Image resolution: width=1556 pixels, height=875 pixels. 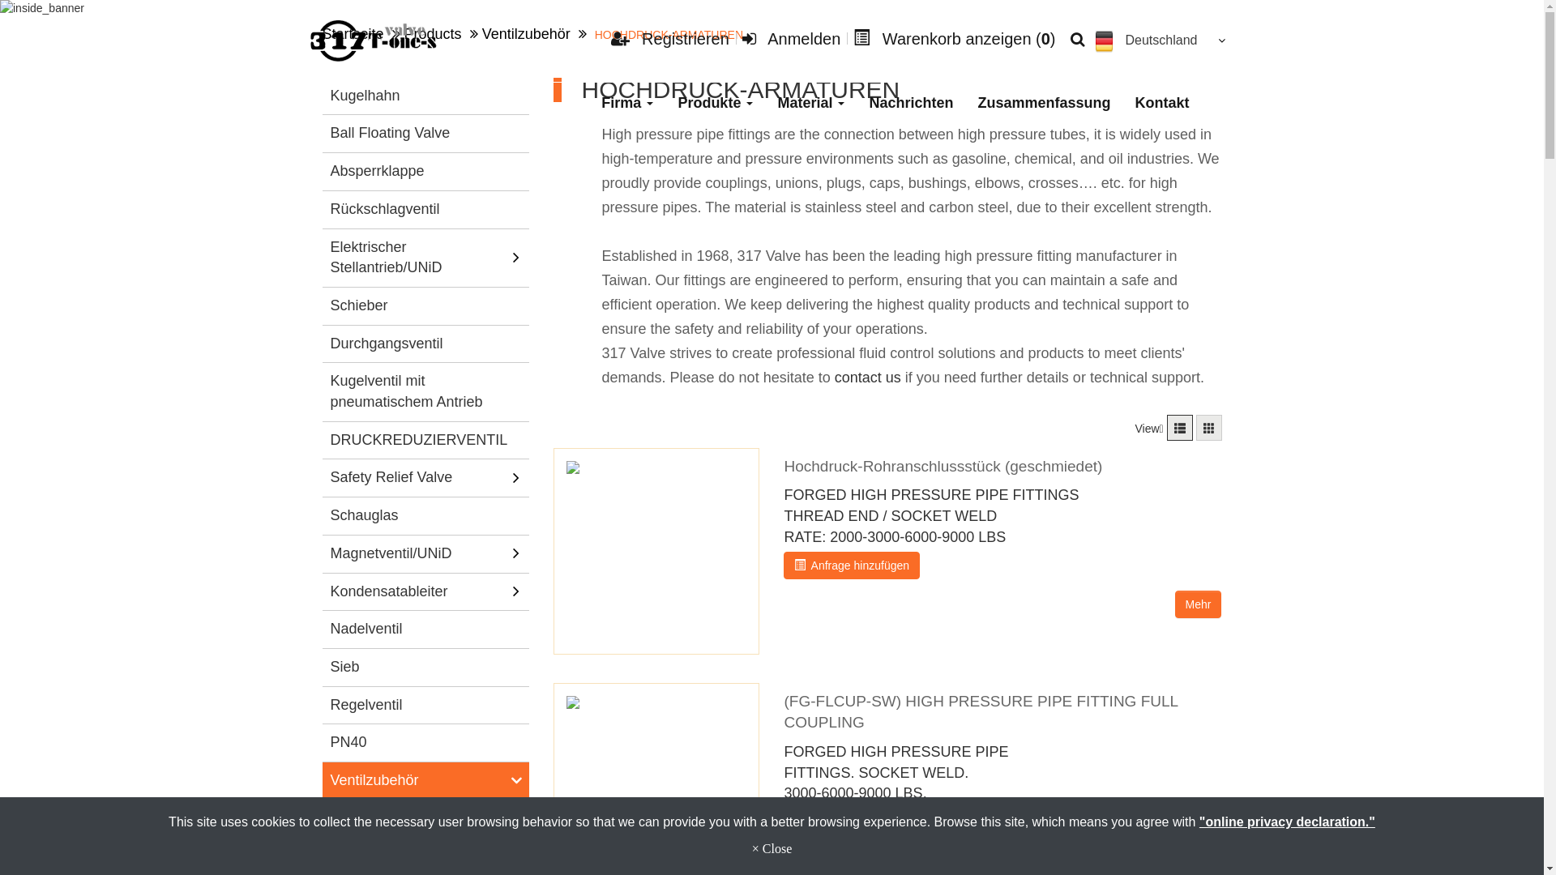 What do you see at coordinates (372, 40) in the screenshot?
I see `'T-ONE-S (MFG) TRADING INC.'` at bounding box center [372, 40].